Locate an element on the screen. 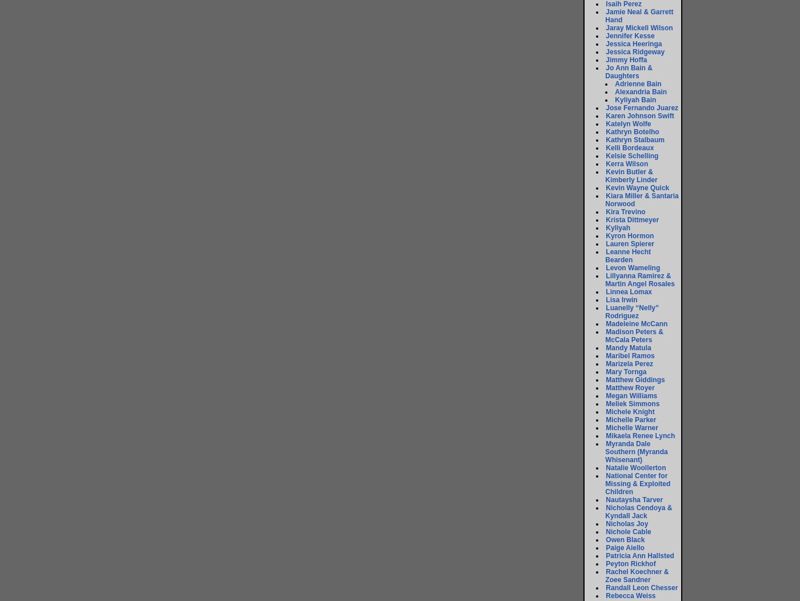 The image size is (800, 601). 'Lillyanna Ramirez & Martin Angel Rosales' is located at coordinates (605, 279).